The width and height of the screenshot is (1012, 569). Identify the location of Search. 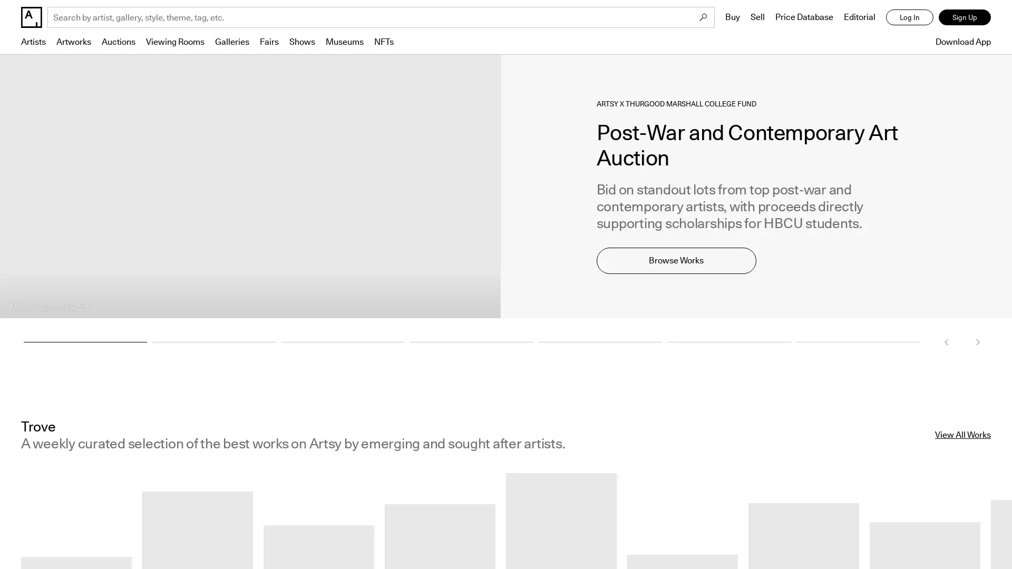
(703, 17).